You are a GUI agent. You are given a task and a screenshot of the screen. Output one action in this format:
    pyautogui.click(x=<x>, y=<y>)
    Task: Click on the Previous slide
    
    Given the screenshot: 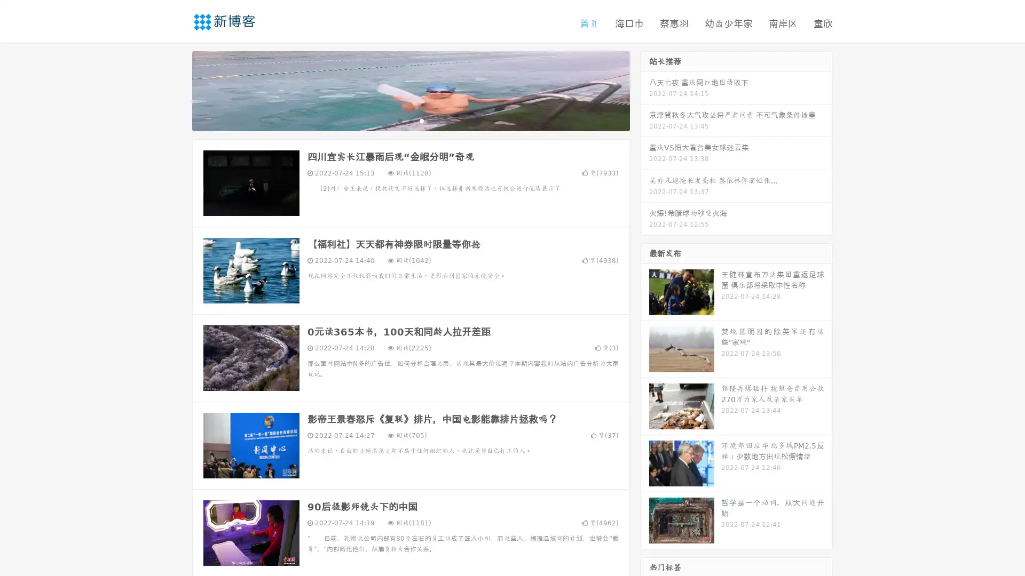 What is the action you would take?
    pyautogui.click(x=176, y=90)
    